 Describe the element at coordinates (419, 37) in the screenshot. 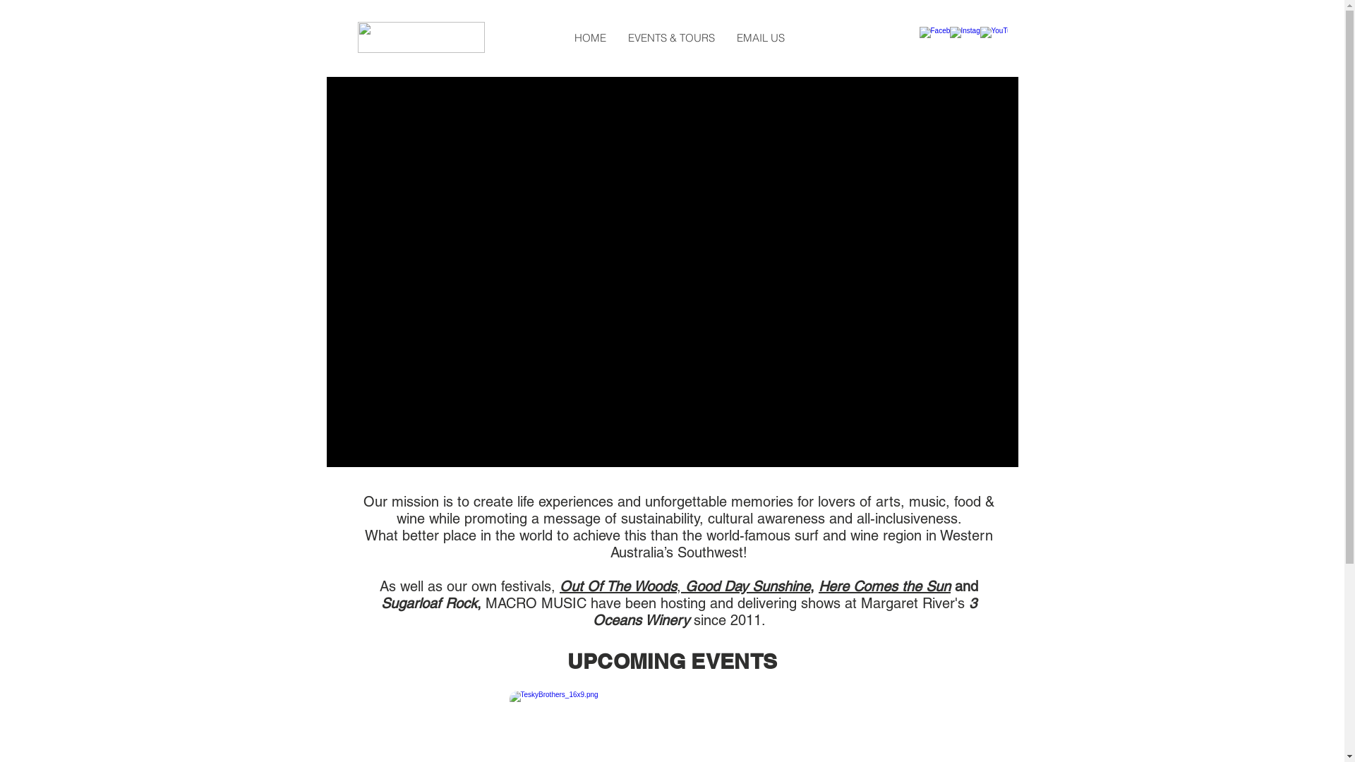

I see `'macro logo.png'` at that location.